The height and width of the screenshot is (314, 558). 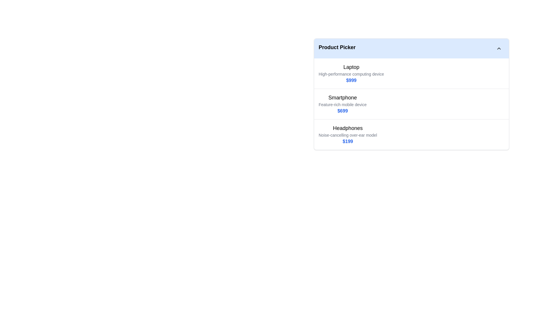 I want to click on on the second product list item displaying details for 'Smartphone', which includes the name, description, and price, so click(x=411, y=104).